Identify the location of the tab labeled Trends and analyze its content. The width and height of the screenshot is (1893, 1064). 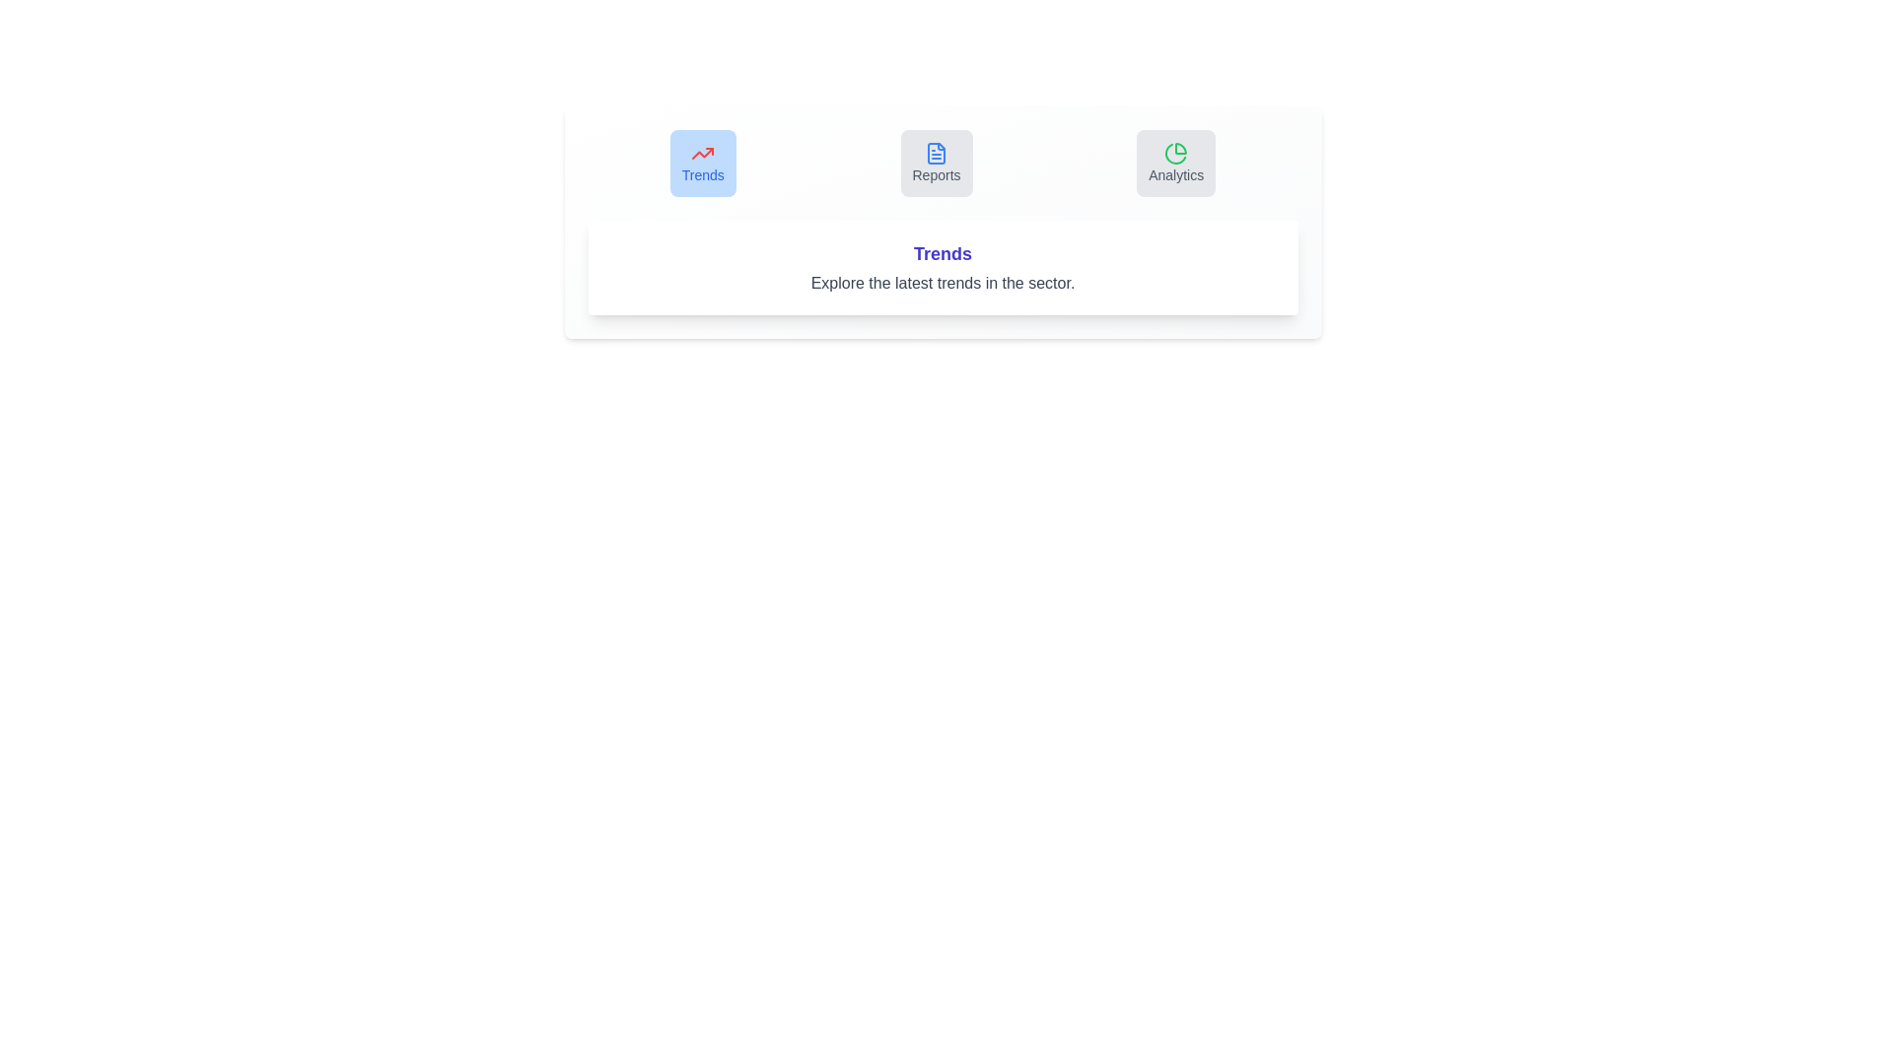
(703, 162).